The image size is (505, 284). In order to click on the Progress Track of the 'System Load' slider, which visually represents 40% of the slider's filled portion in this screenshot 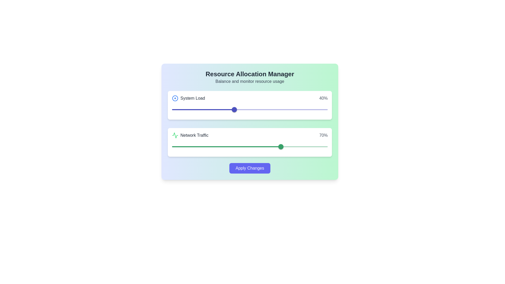, I will do `click(203, 109)`.